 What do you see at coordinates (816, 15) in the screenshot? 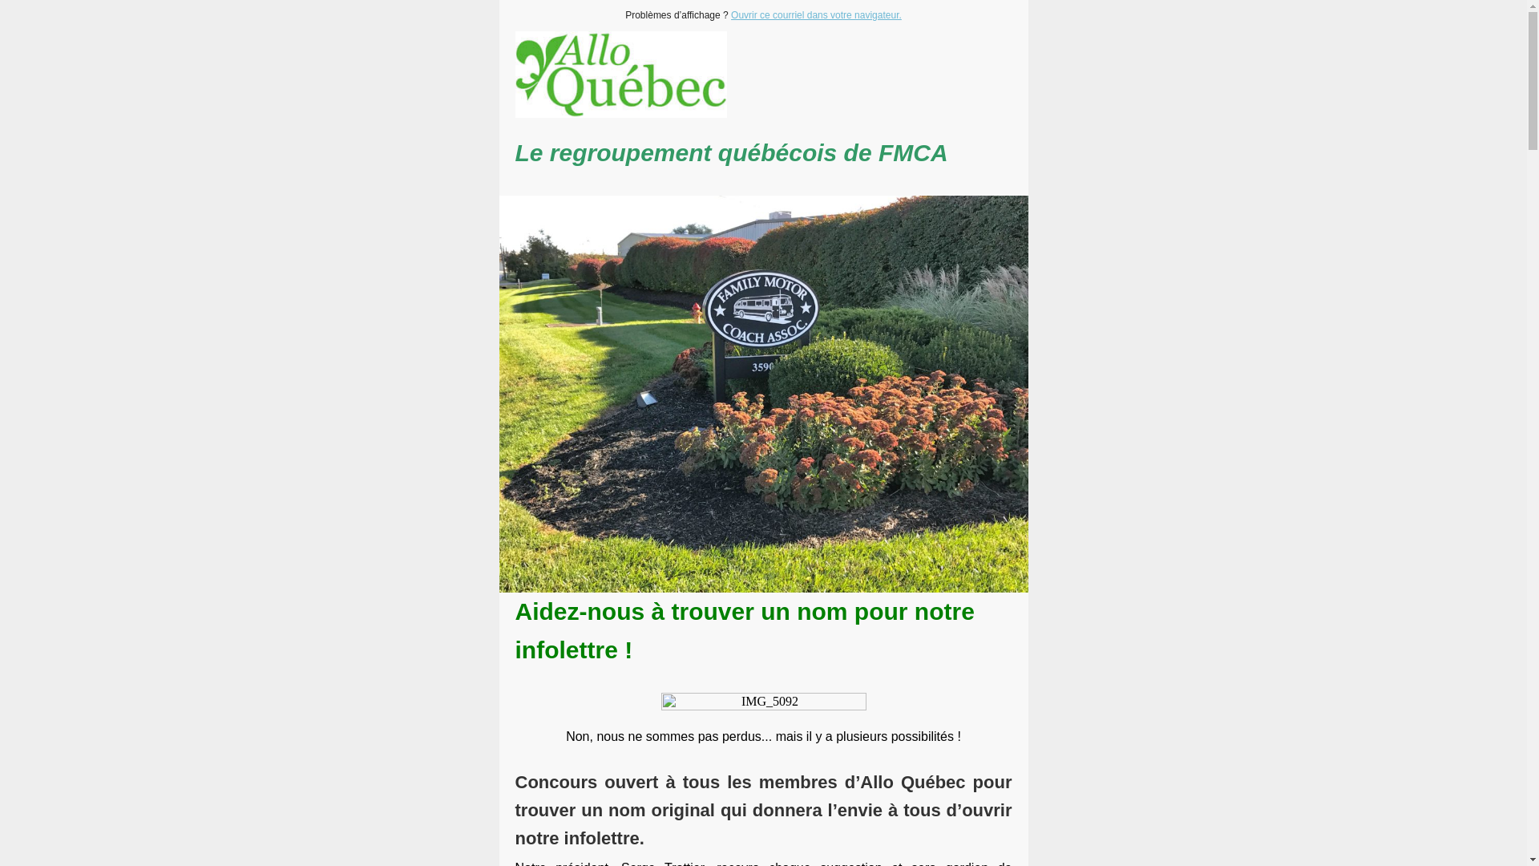
I see `'Ouvrir ce courriel dans votre navigateur.'` at bounding box center [816, 15].